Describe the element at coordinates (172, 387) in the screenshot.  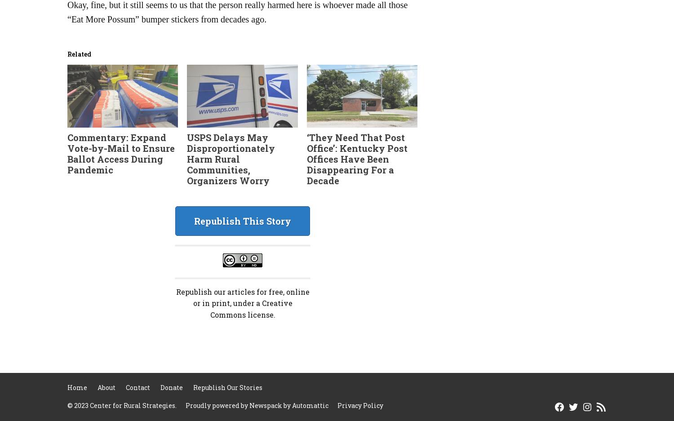
I see `'Donate'` at that location.